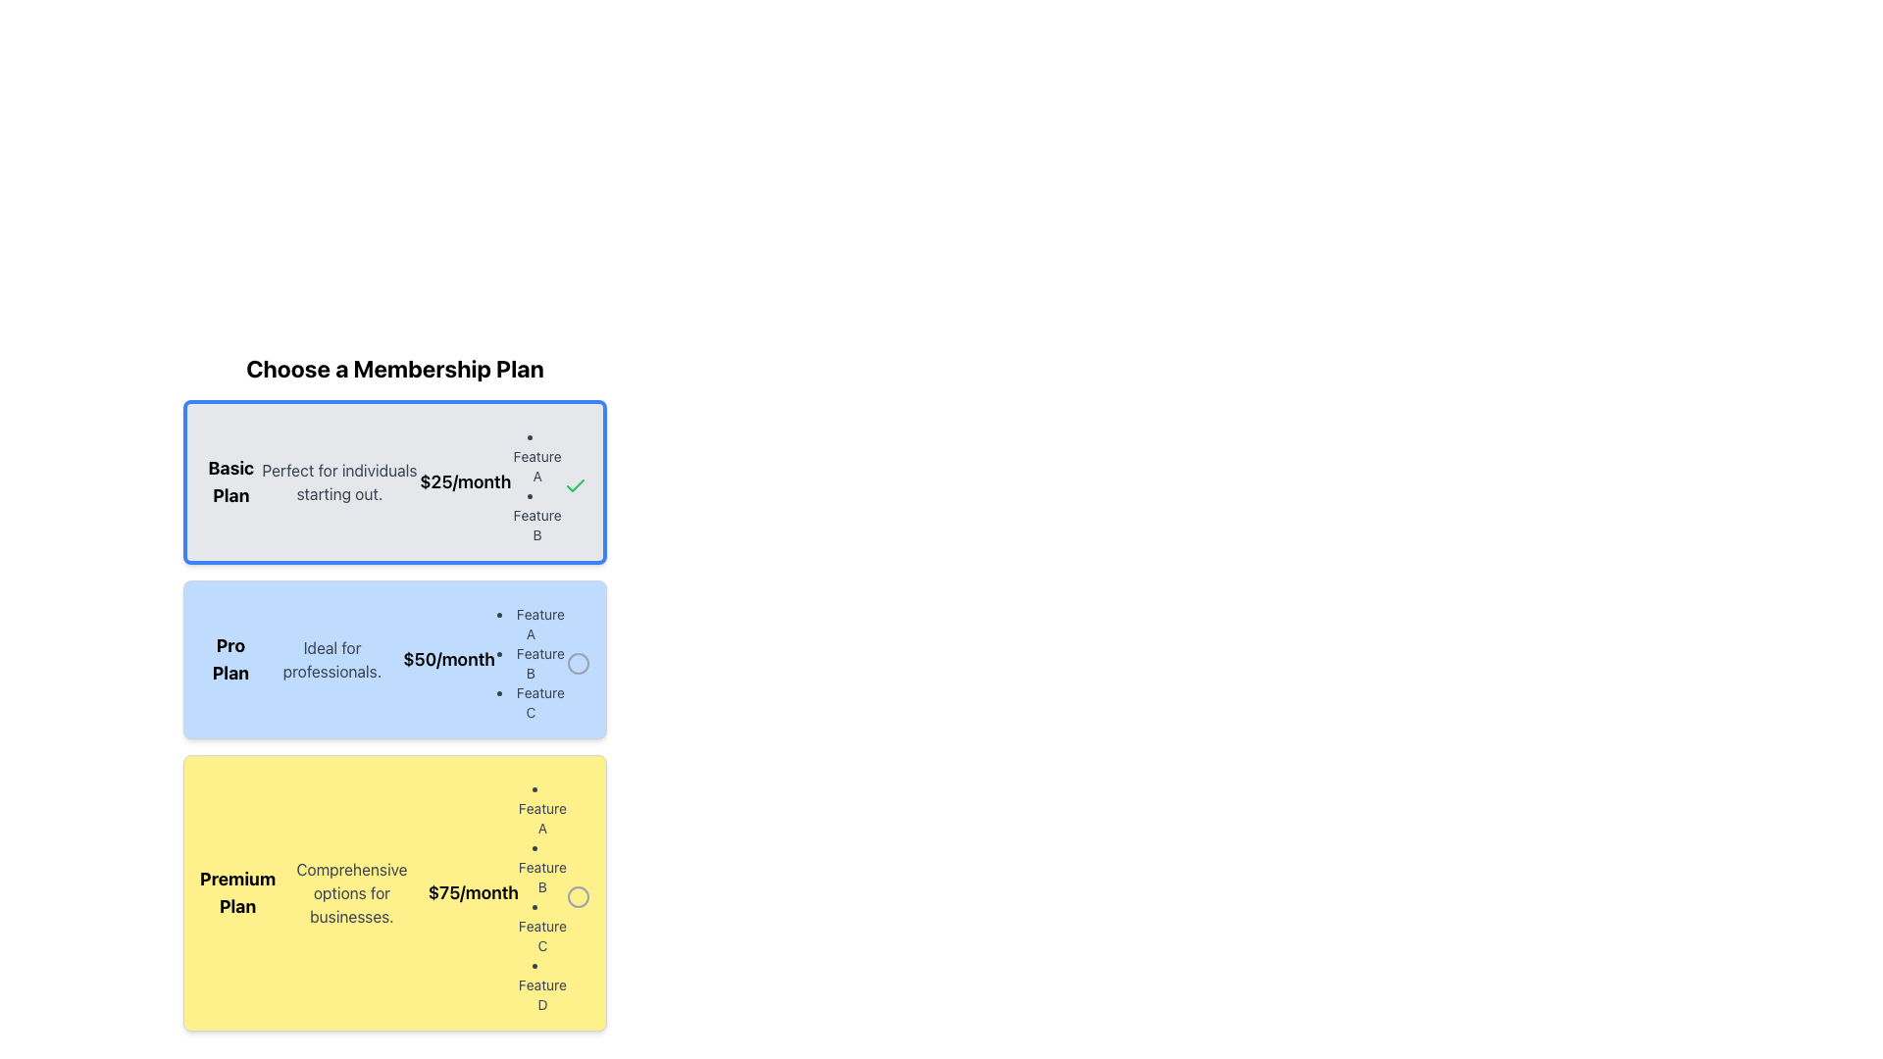 The height and width of the screenshot is (1059, 1883). I want to click on the first label in the bulleted list of the 'Basic Plan' section, which provides information about the features included in this plan, so click(537, 457).